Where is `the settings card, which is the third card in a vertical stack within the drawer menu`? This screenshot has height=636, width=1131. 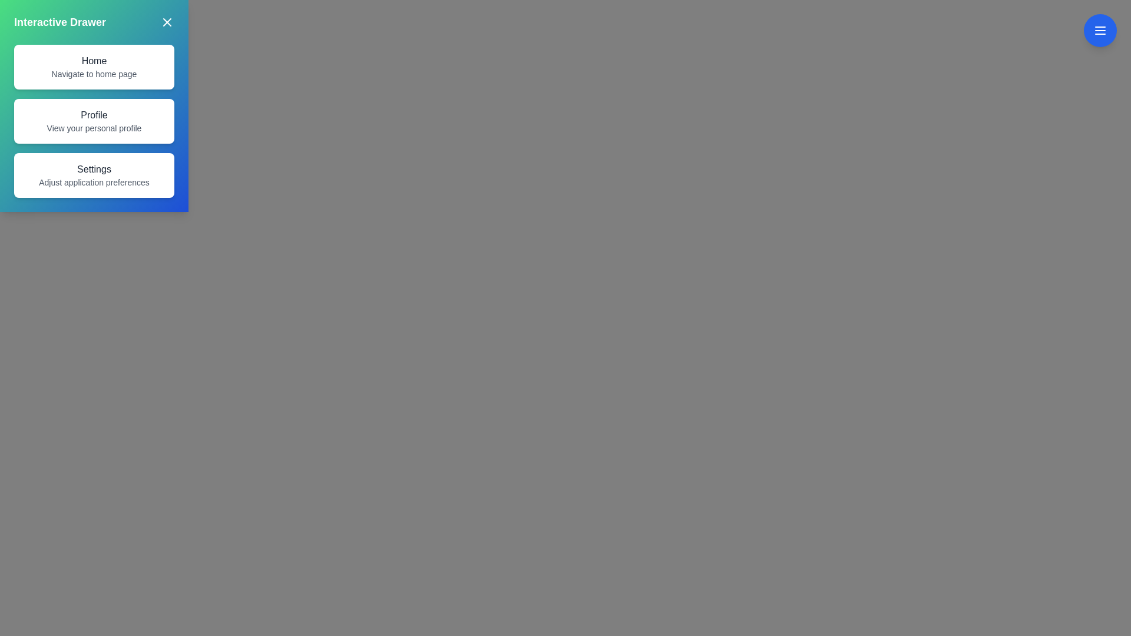
the settings card, which is the third card in a vertical stack within the drawer menu is located at coordinates (93, 175).